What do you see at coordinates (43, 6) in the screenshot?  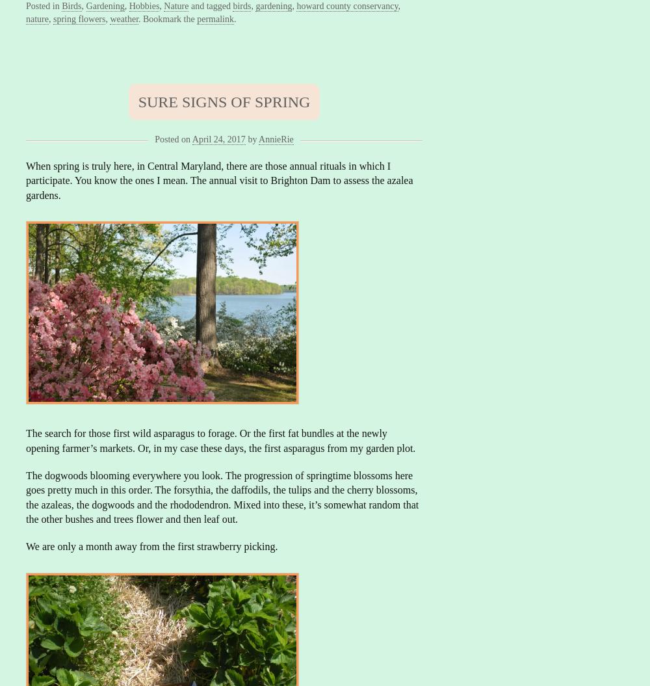 I see `'Posted in'` at bounding box center [43, 6].